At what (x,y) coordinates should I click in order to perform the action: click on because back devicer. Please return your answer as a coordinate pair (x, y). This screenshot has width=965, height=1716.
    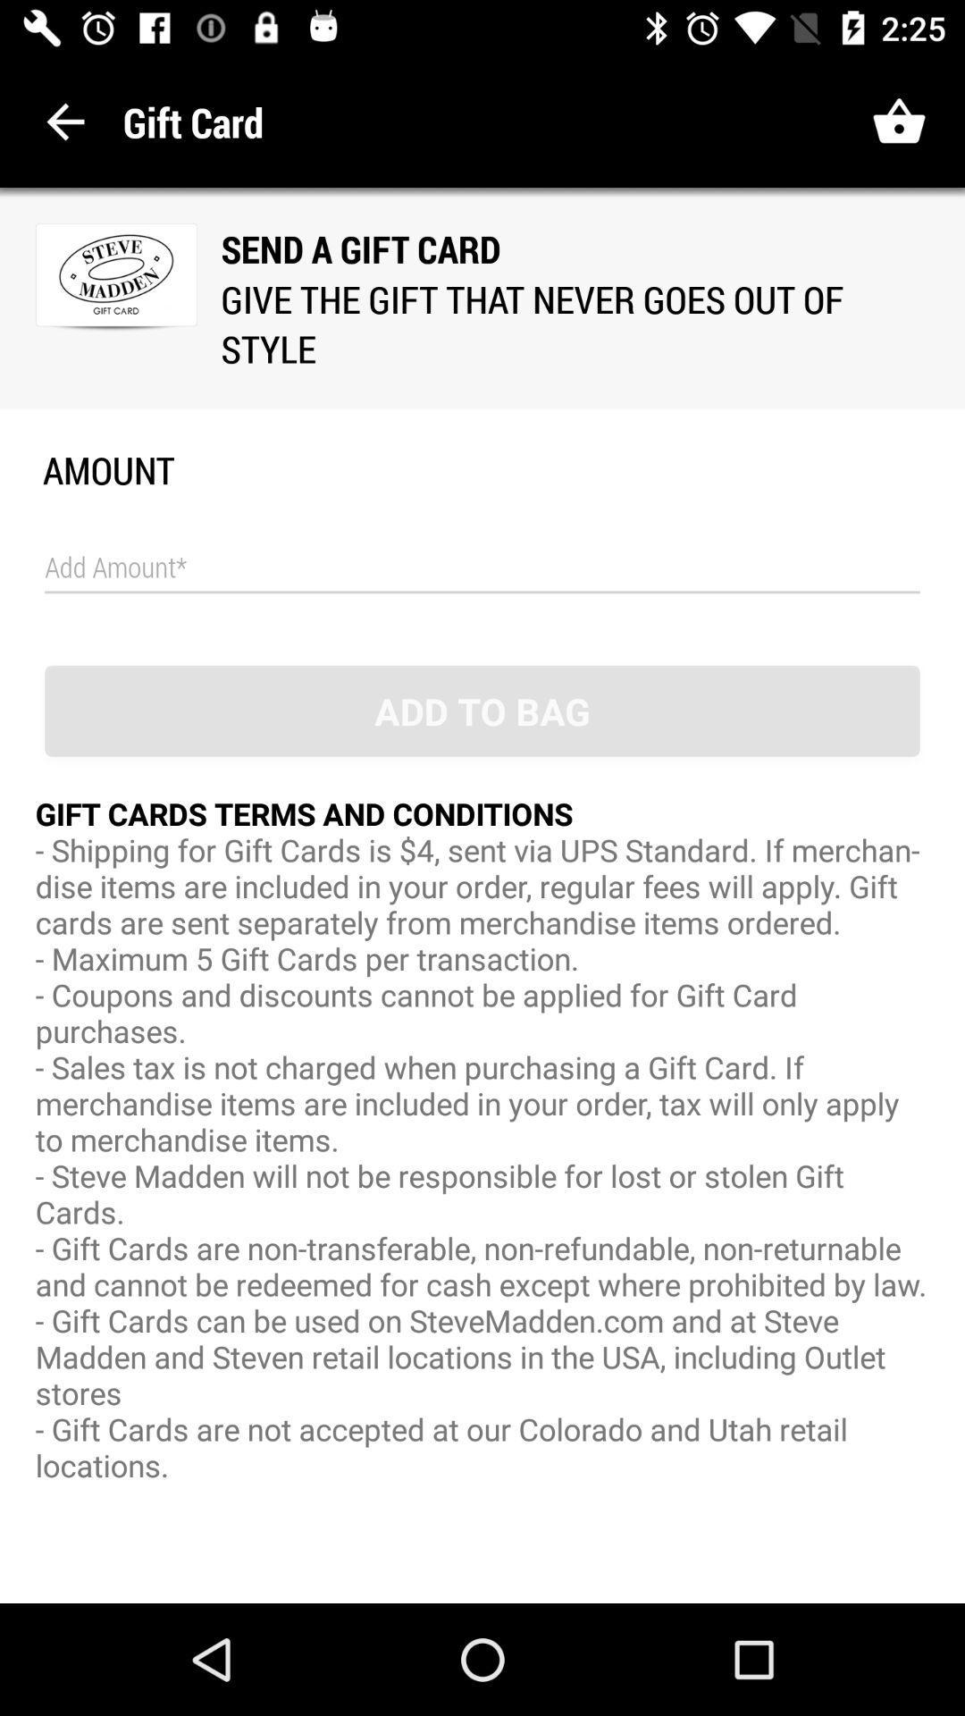
    Looking at the image, I should click on (482, 567).